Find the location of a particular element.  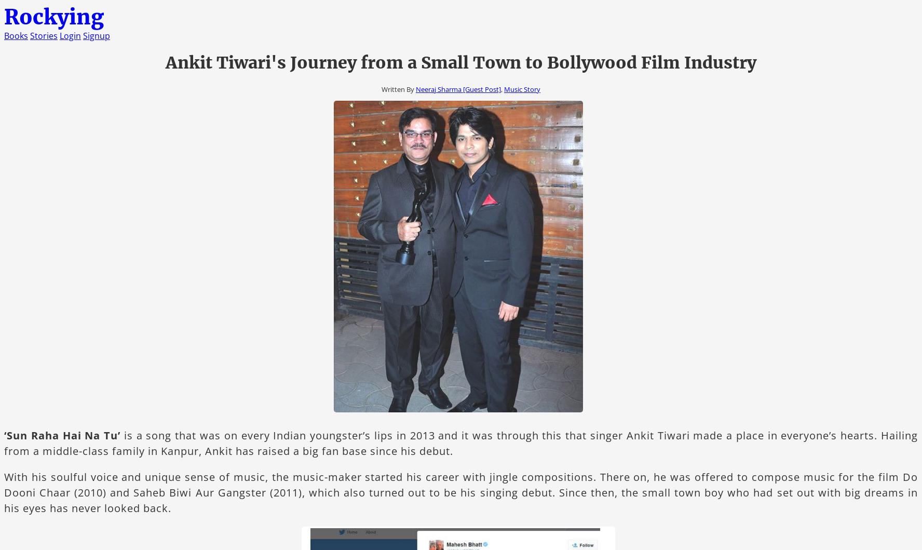

'Neeraj Sharma [Guest Post]' is located at coordinates (458, 88).